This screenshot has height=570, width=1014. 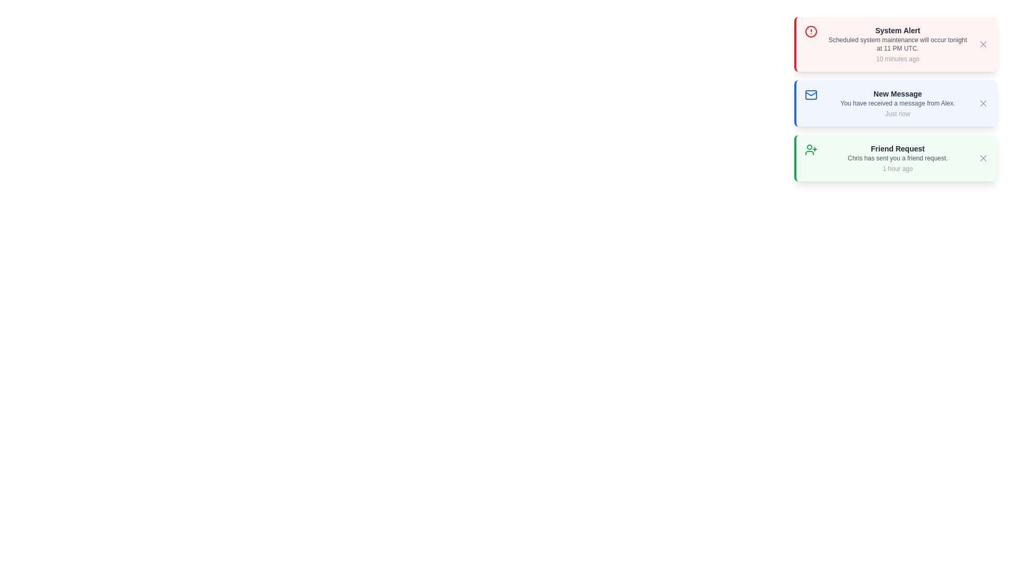 I want to click on the close button located in the upper-right corner of the green notification card, so click(x=983, y=158).